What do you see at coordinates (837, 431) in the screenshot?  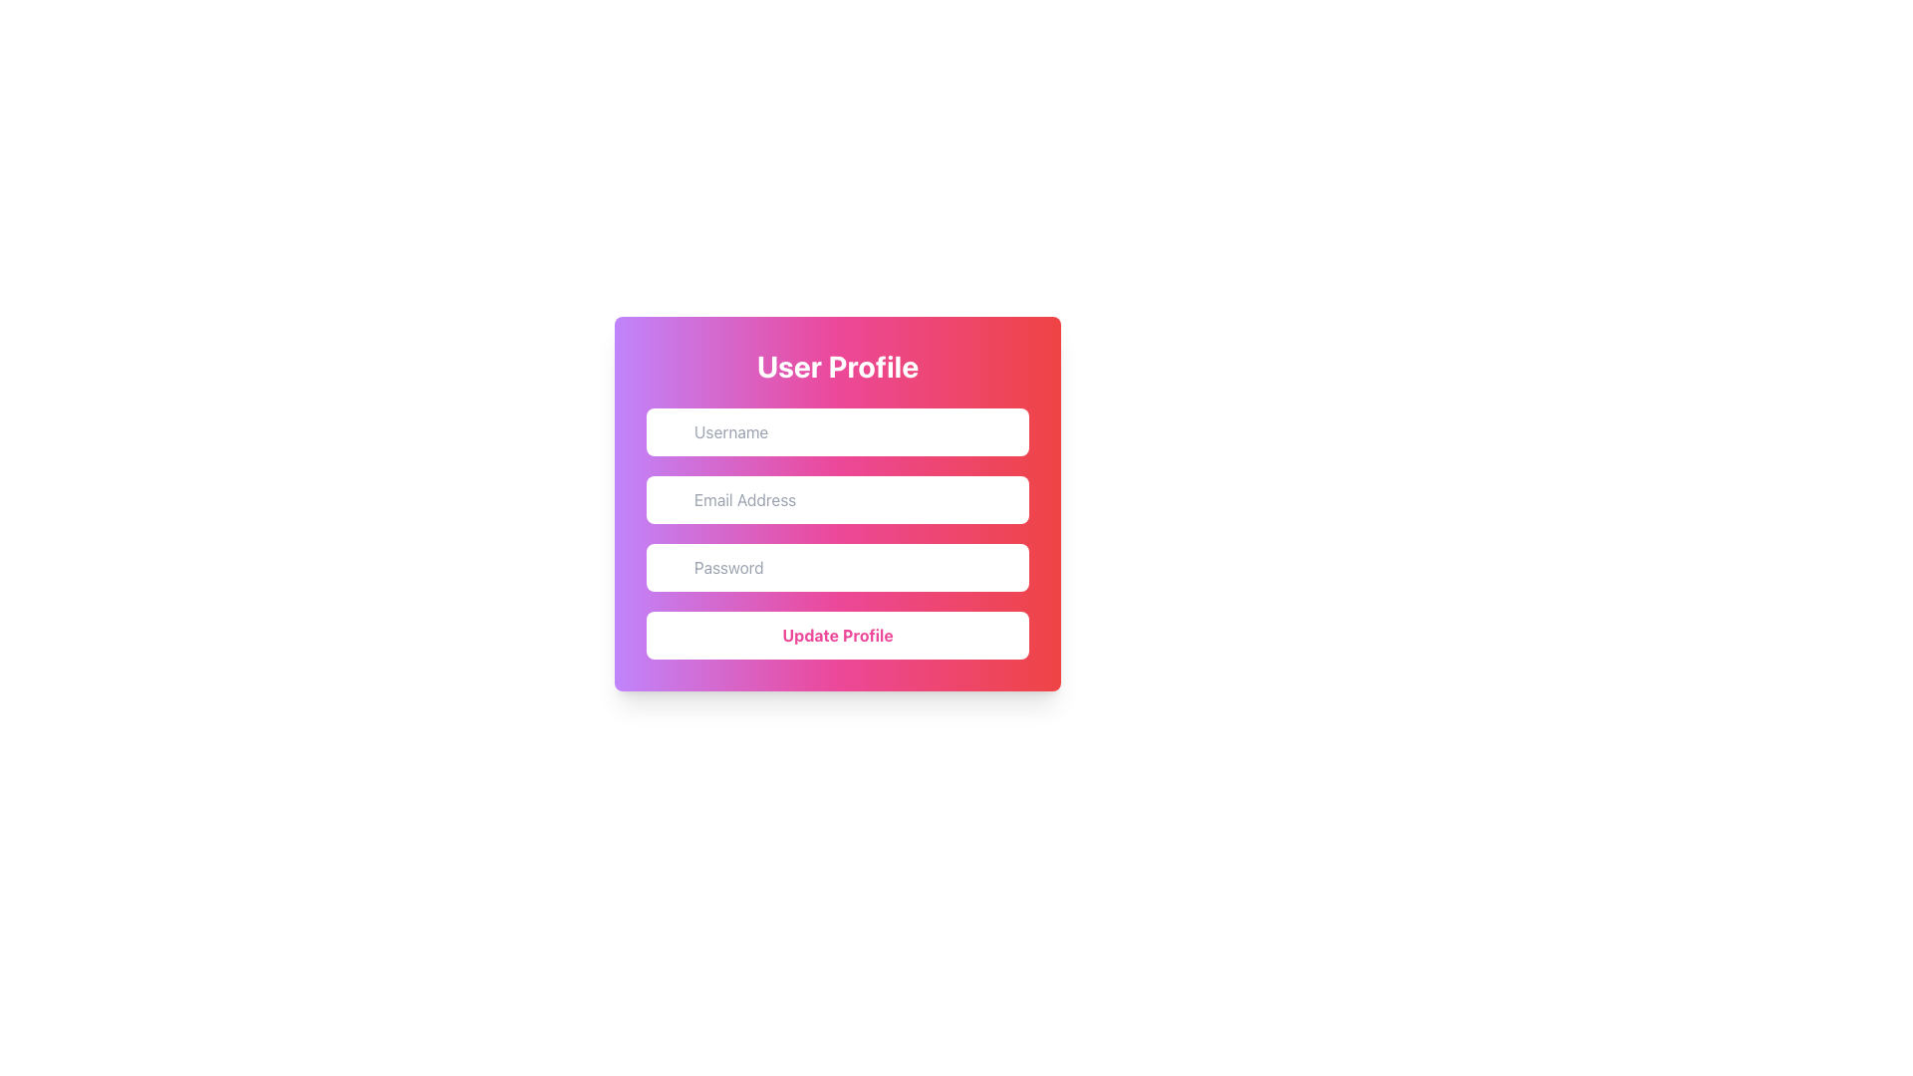 I see `the 'Username' text input field in the 'User Profile' form by tabbing to it` at bounding box center [837, 431].